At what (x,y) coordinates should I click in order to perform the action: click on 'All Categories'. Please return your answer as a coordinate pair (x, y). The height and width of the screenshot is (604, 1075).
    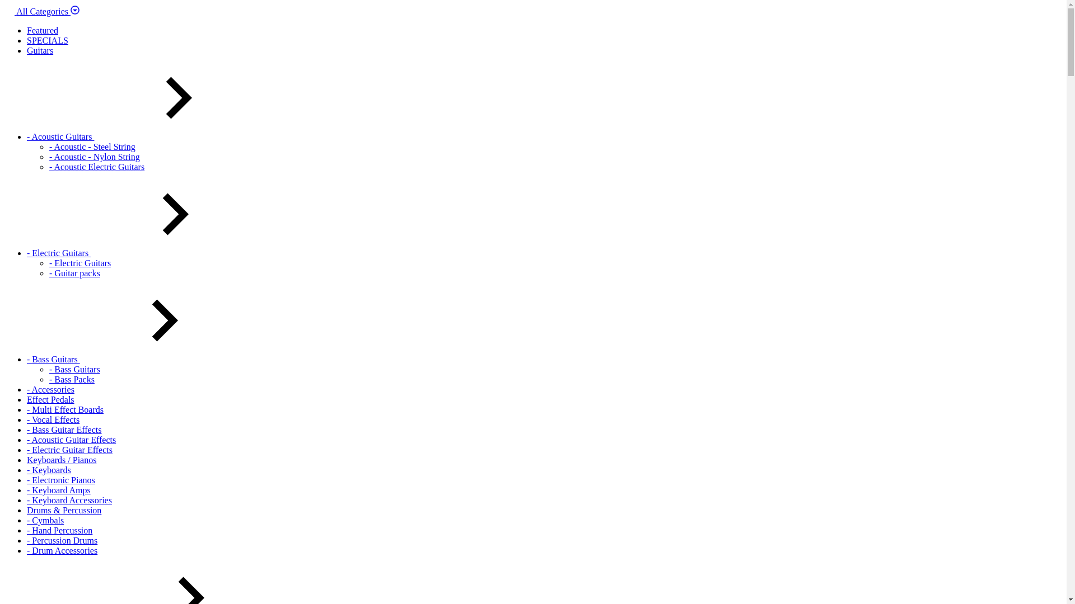
    Looking at the image, I should click on (42, 11).